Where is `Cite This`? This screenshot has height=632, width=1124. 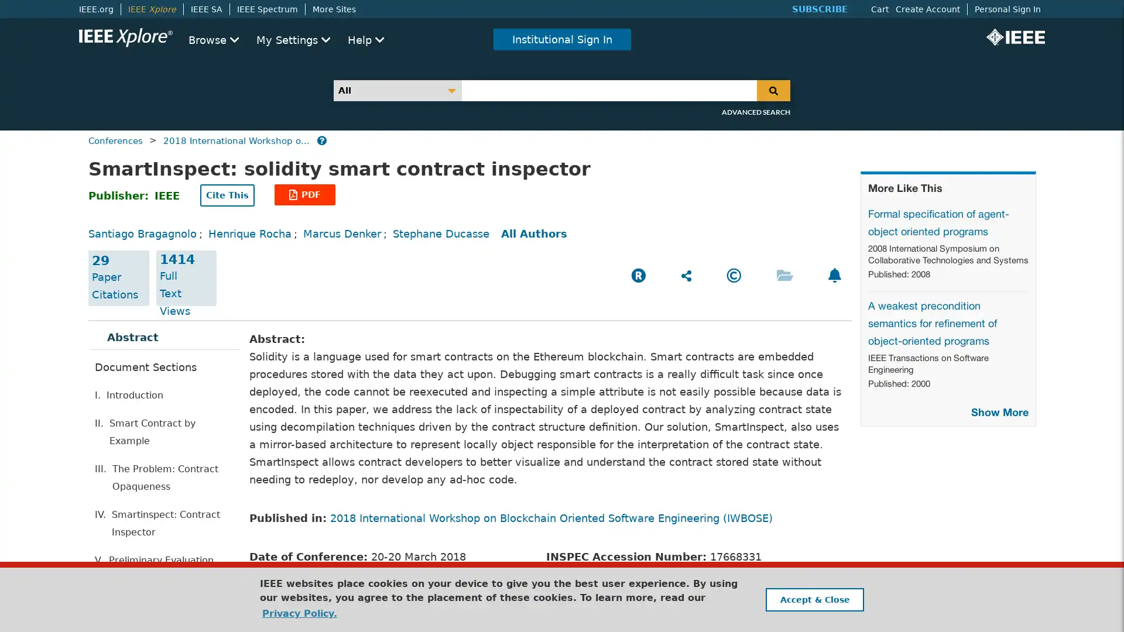 Cite This is located at coordinates (227, 195).